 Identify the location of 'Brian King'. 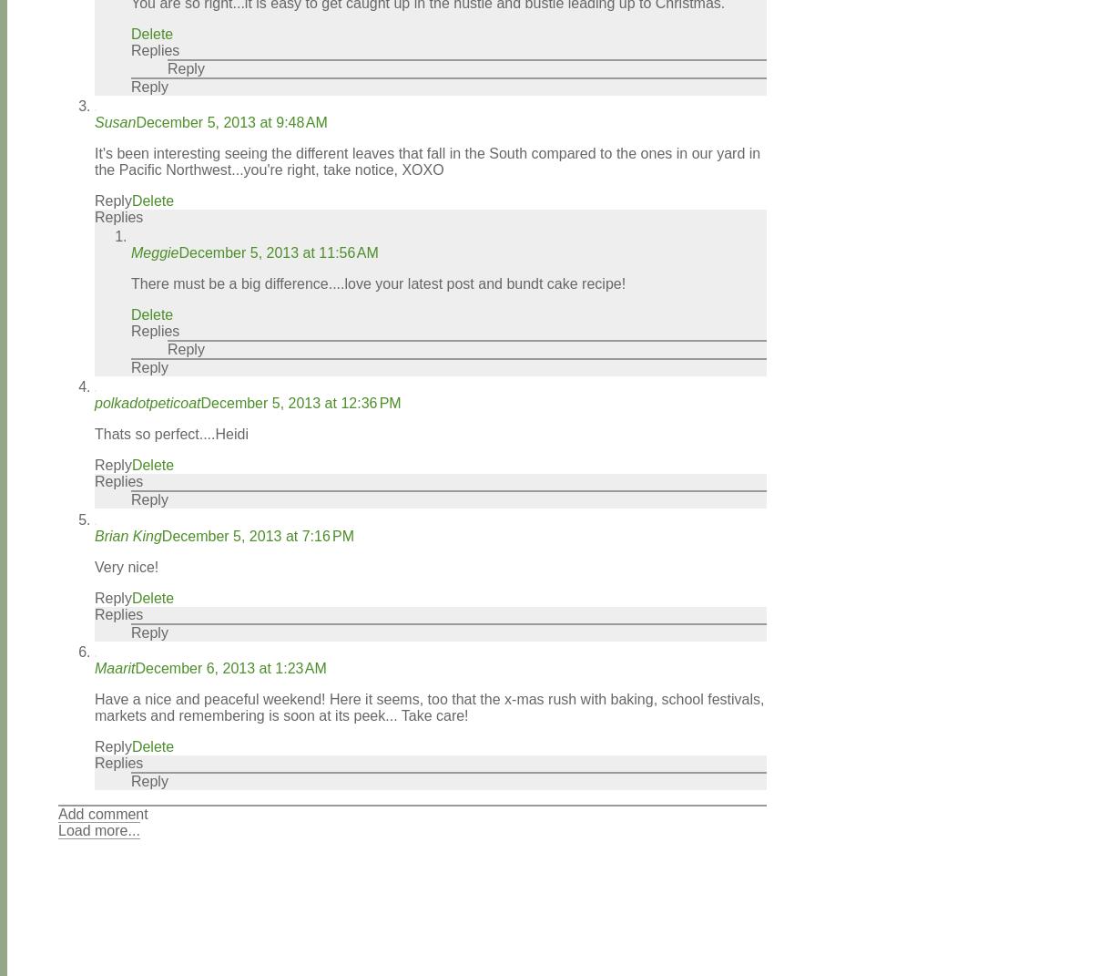
(127, 535).